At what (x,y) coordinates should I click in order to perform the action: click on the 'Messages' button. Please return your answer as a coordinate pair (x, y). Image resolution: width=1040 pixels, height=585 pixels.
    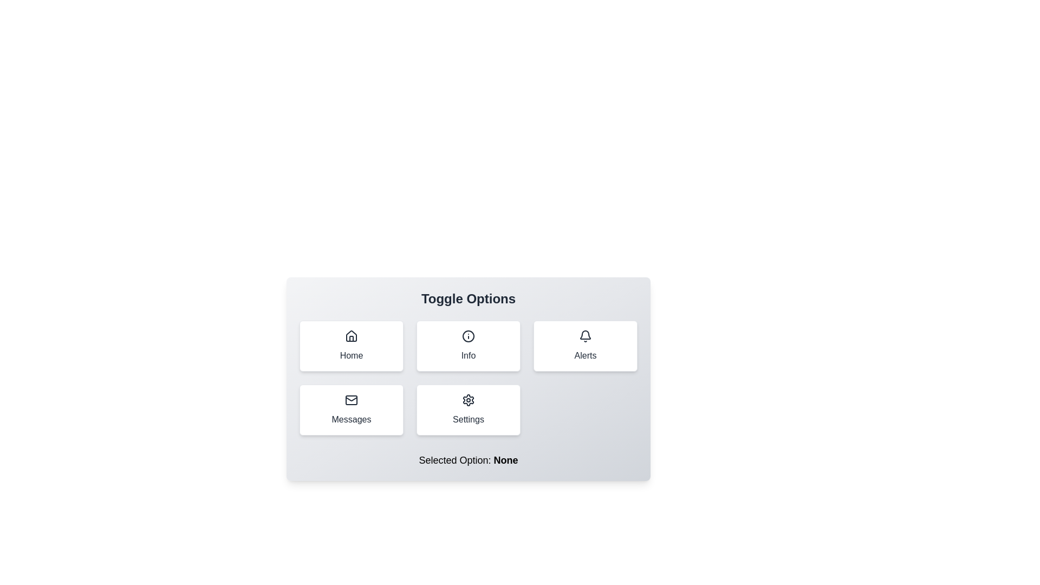
    Looking at the image, I should click on (351, 400).